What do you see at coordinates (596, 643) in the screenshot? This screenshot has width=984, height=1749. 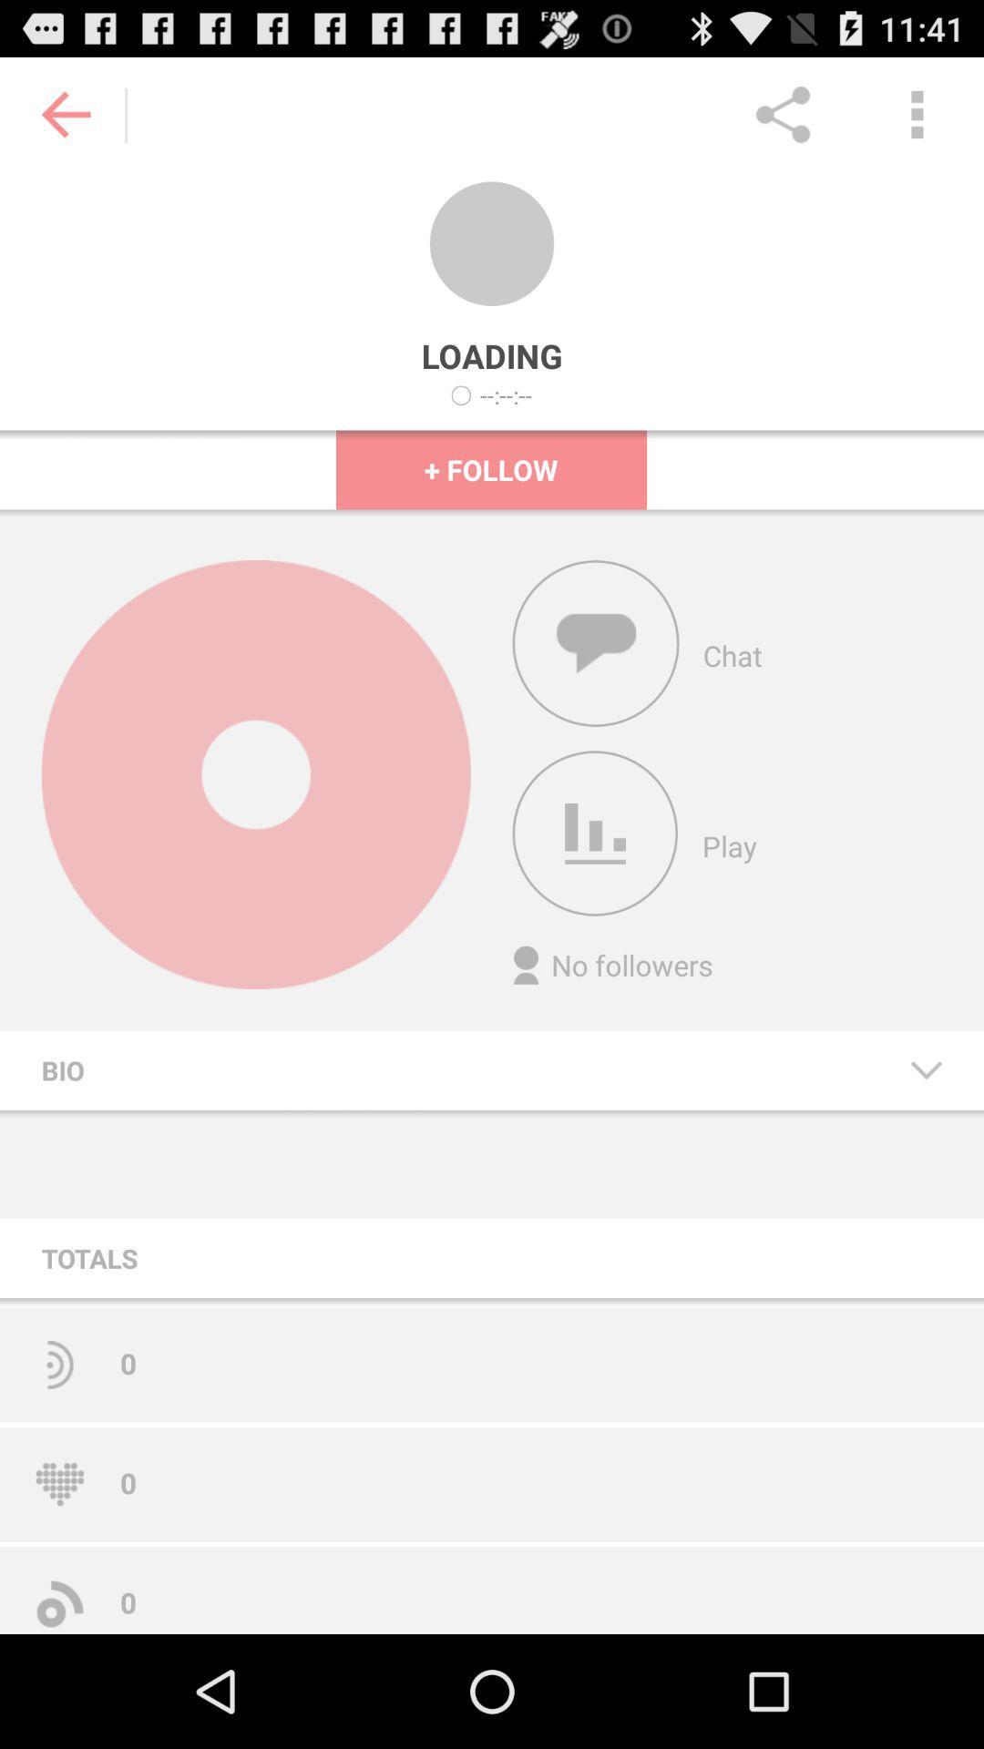 I see `item to the left of the chat icon` at bounding box center [596, 643].